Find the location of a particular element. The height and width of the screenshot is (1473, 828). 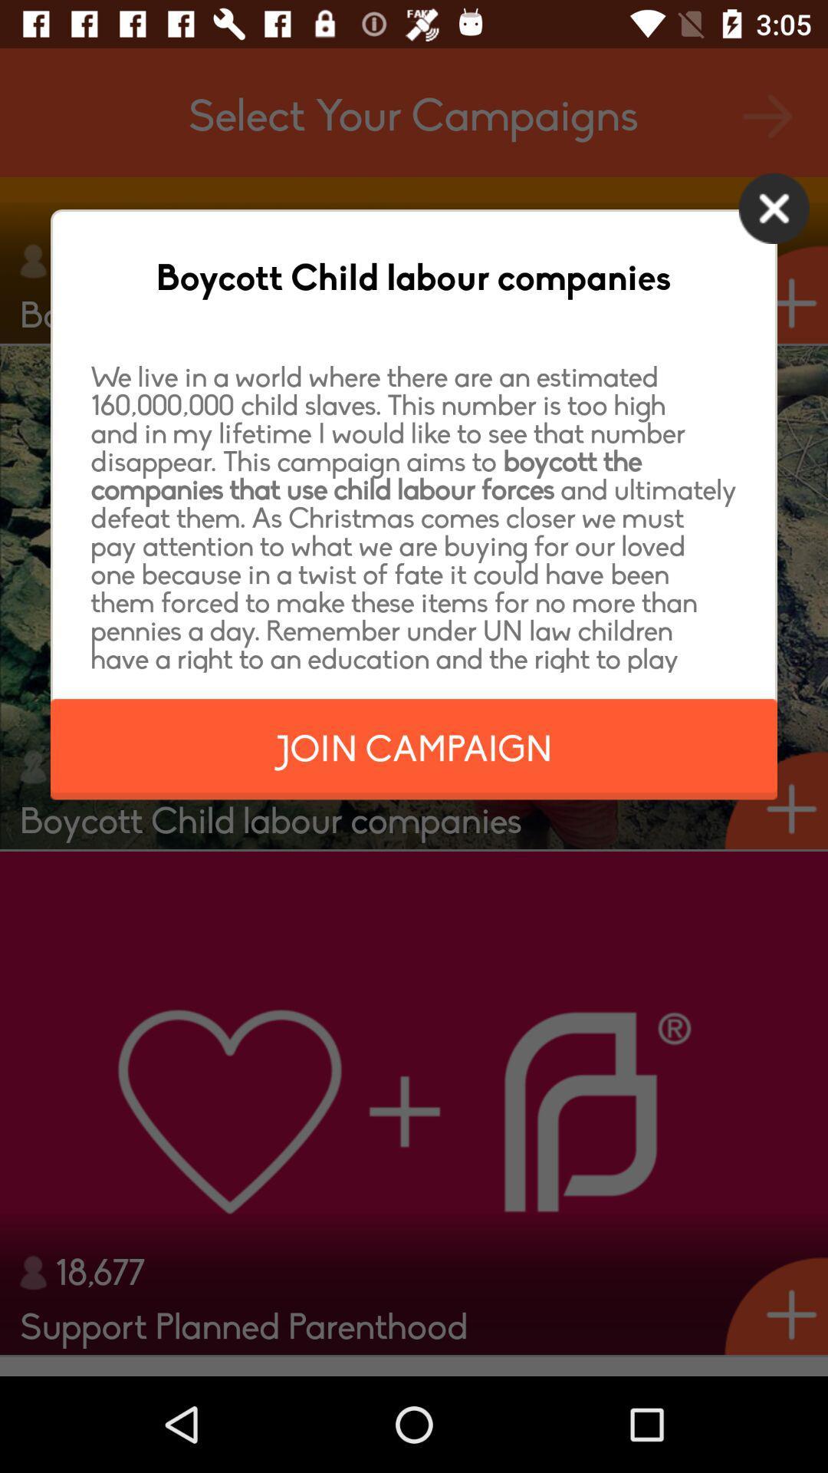

the close icon is located at coordinates (774, 215).